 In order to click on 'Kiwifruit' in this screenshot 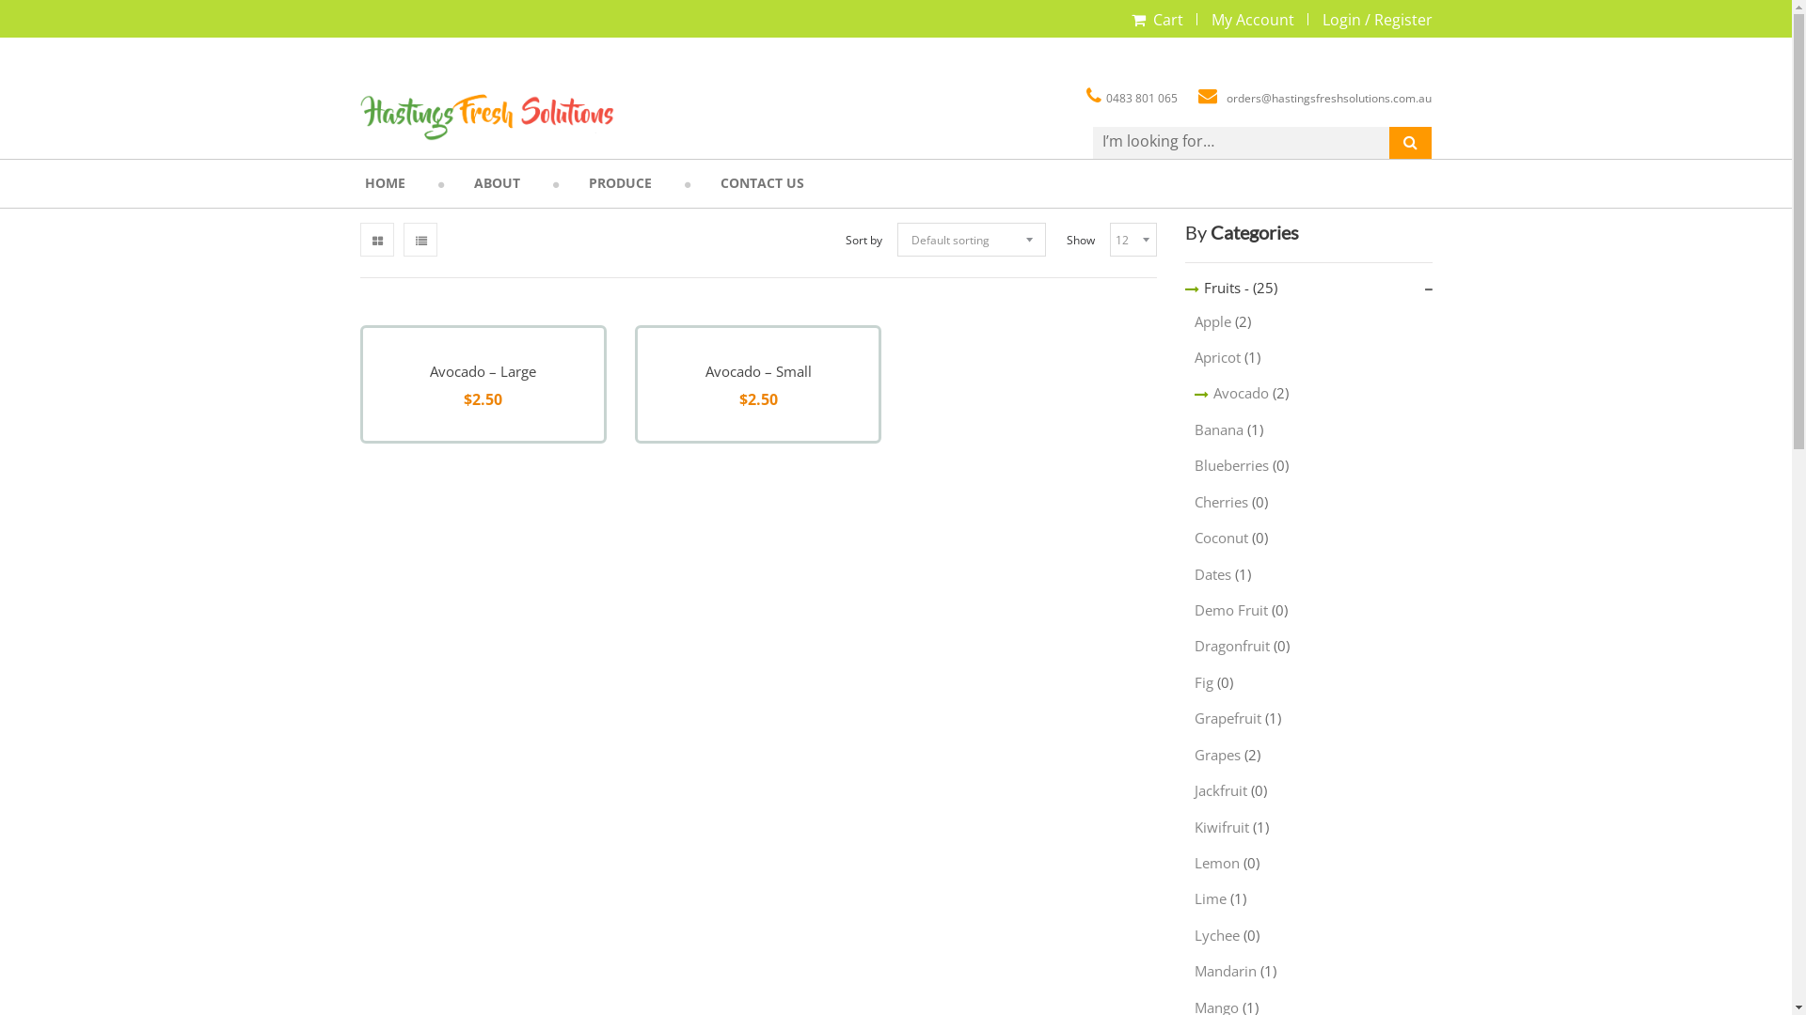, I will do `click(1222, 825)`.